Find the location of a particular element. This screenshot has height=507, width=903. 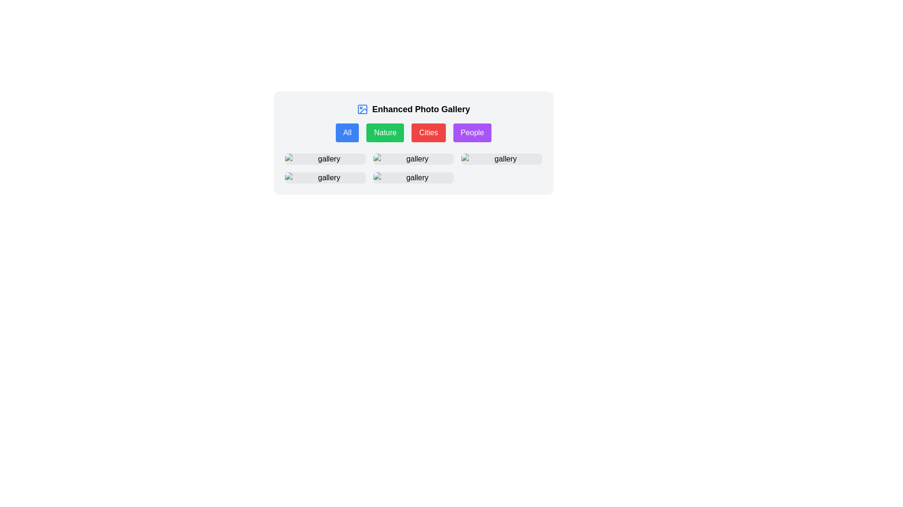

the 'Nature' category filter button, which is the second button in a horizontal group under the 'Enhanced Photo Gallery' header is located at coordinates (385, 132).